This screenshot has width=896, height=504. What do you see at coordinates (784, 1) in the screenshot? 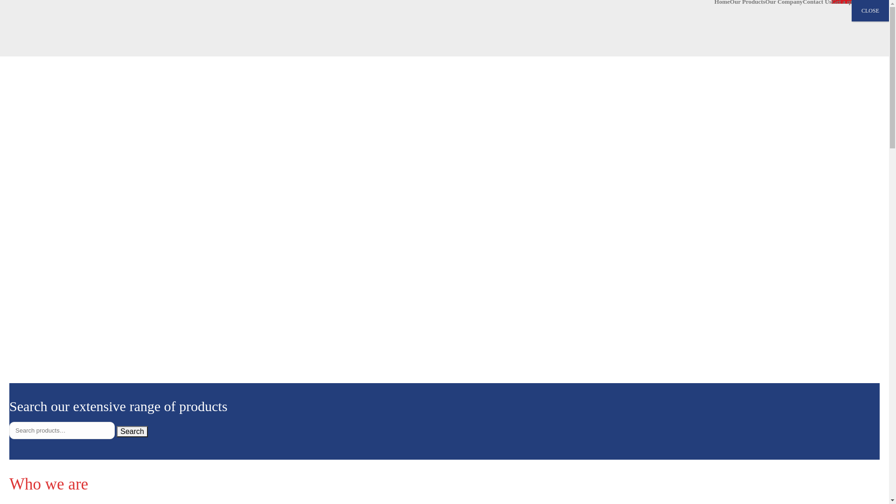
I see `'Our Company'` at bounding box center [784, 1].